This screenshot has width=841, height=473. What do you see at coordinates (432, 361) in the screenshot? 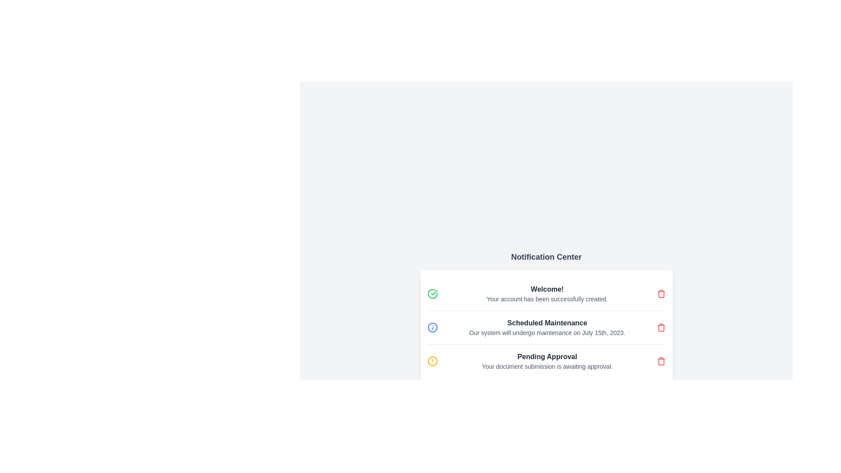
I see `the icon located on the 'Pending Approval' notification item, which is the third icon in a vertically stacked list of notifications` at bounding box center [432, 361].